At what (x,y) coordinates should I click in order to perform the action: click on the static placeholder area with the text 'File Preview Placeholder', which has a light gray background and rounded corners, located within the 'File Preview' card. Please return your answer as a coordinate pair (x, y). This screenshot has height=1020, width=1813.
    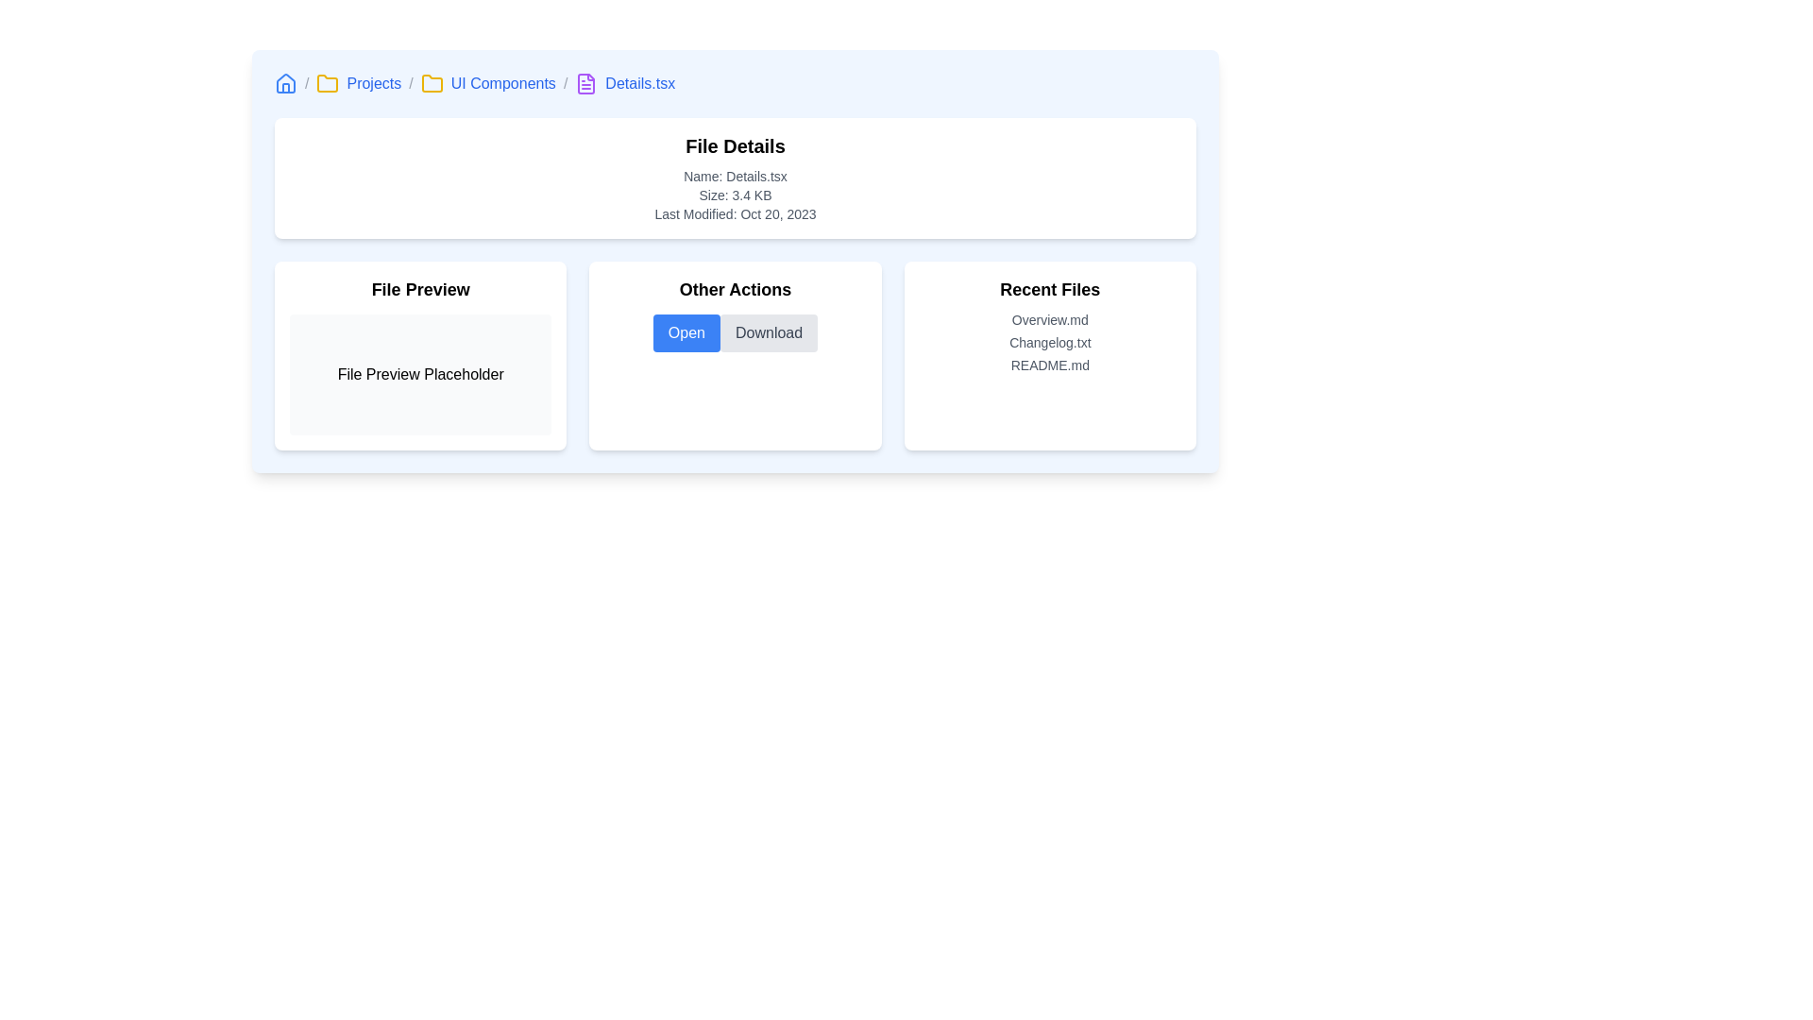
    Looking at the image, I should click on (419, 375).